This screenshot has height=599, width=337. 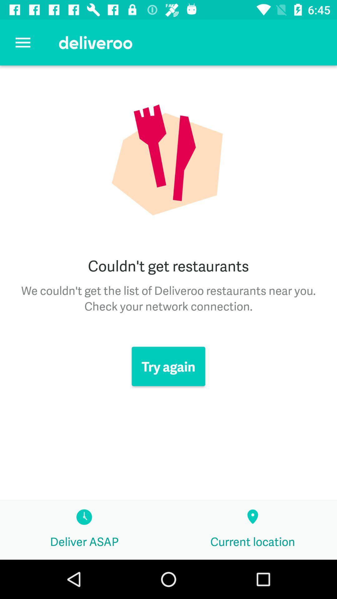 I want to click on the item to the left of the current location, so click(x=84, y=530).